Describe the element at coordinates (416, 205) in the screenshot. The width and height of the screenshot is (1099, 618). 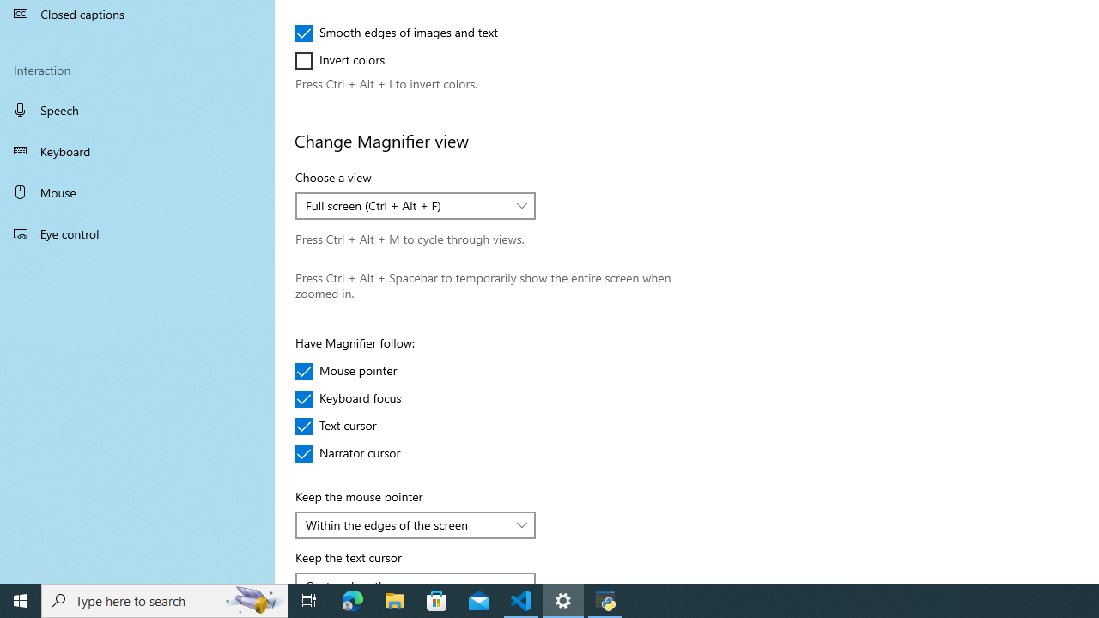
I see `'Choose a view'` at that location.